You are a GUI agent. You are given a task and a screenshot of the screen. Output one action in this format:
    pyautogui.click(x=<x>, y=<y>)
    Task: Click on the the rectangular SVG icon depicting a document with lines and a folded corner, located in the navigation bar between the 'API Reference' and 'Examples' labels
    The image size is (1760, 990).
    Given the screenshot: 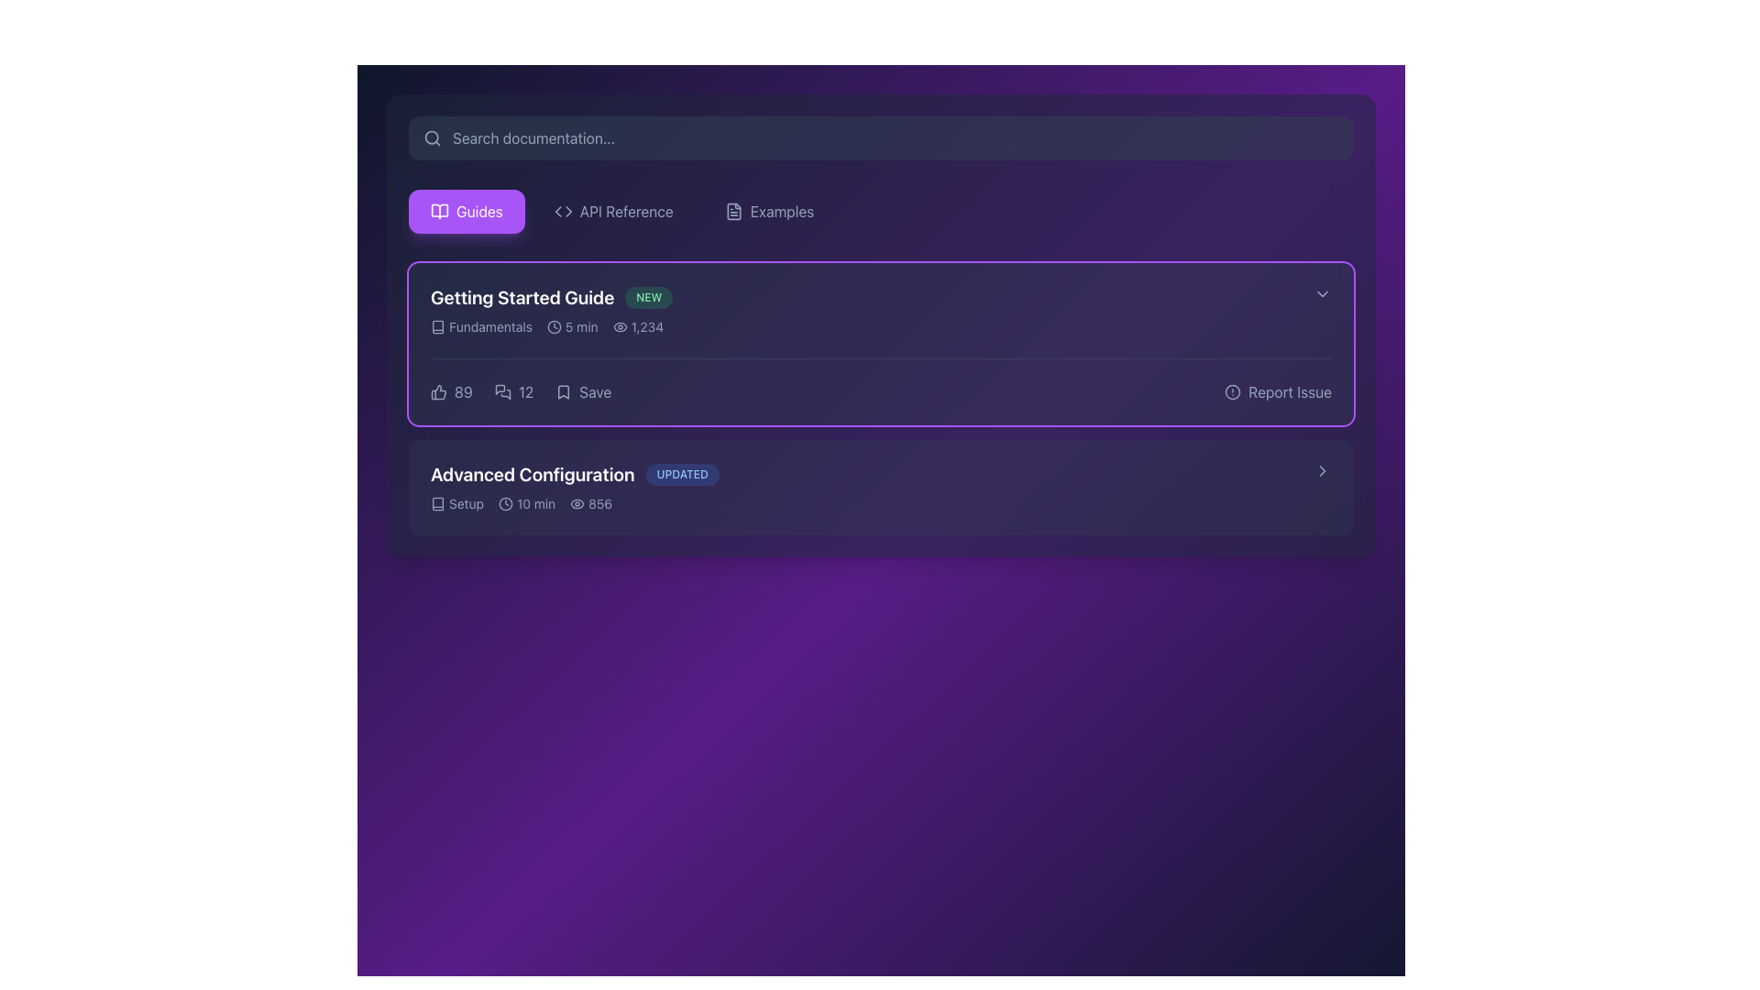 What is the action you would take?
    pyautogui.click(x=733, y=211)
    